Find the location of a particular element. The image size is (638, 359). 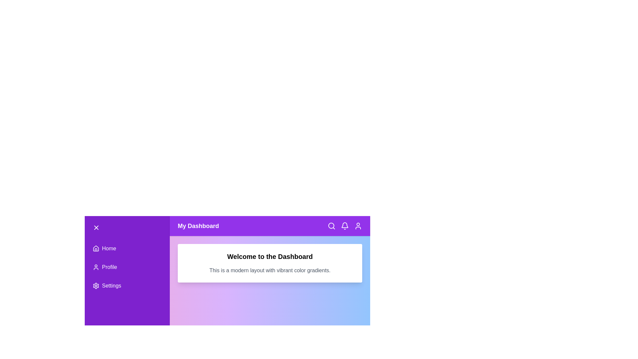

the notification bell icon to interact with it is located at coordinates (345, 225).